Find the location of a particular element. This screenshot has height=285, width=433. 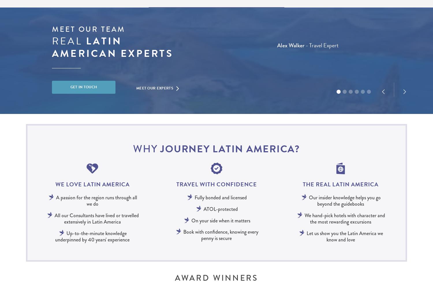

'We love Latin America' is located at coordinates (92, 184).